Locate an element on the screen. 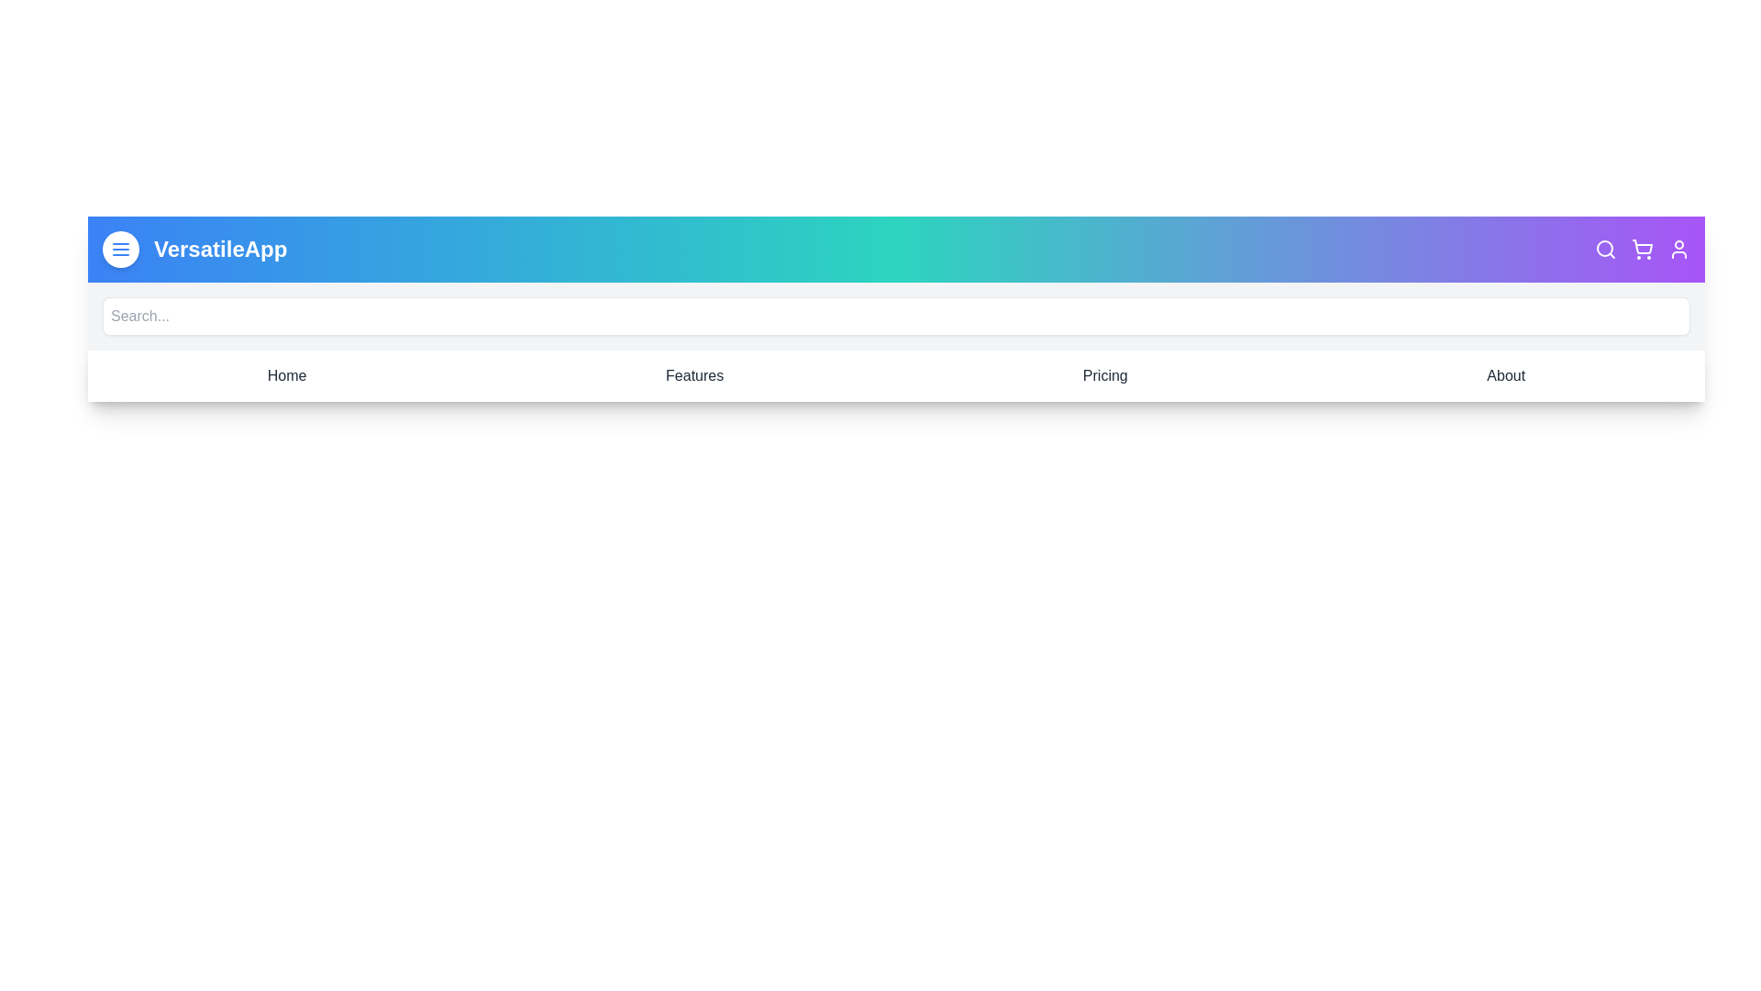  the navigation item About is located at coordinates (1505, 374).